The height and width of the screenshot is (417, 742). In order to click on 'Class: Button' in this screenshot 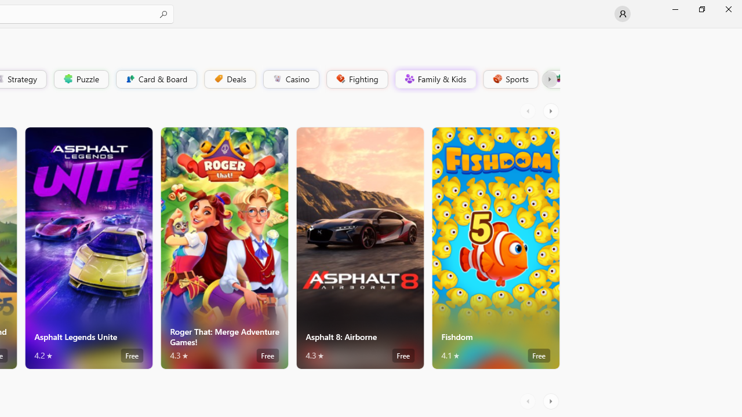, I will do `click(548, 78)`.